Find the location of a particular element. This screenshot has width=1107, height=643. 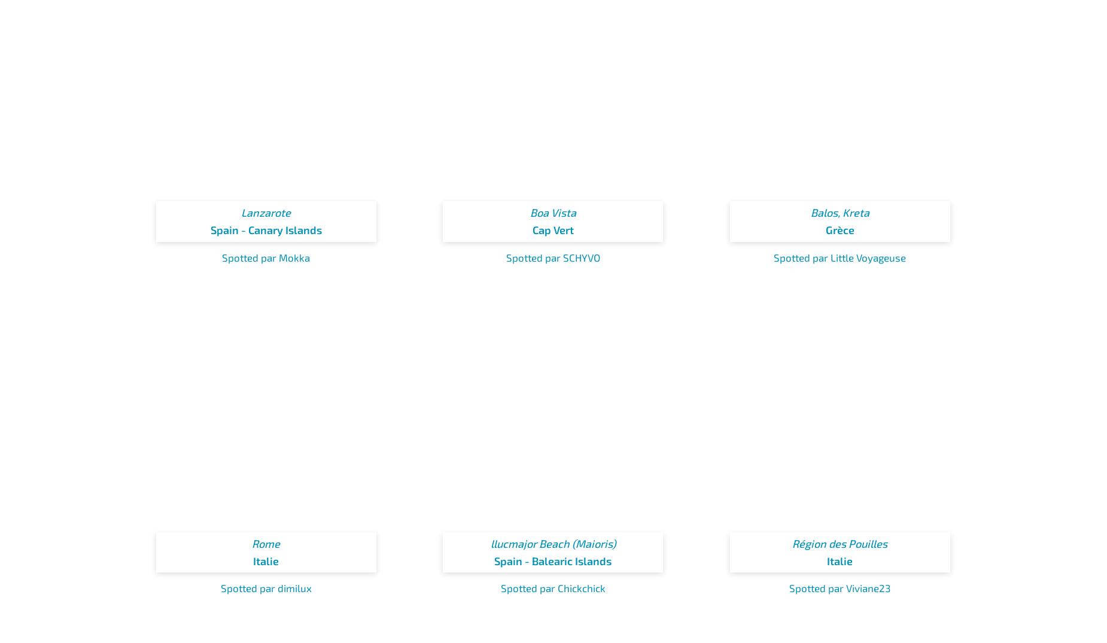

'Spotted par Little Voyageuse' is located at coordinates (840, 256).